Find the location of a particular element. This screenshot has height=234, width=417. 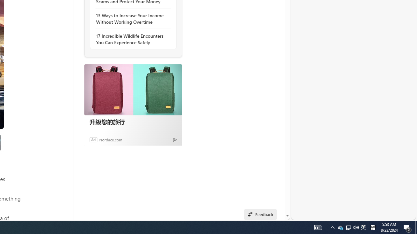

'Nordace.com' is located at coordinates (110, 139).